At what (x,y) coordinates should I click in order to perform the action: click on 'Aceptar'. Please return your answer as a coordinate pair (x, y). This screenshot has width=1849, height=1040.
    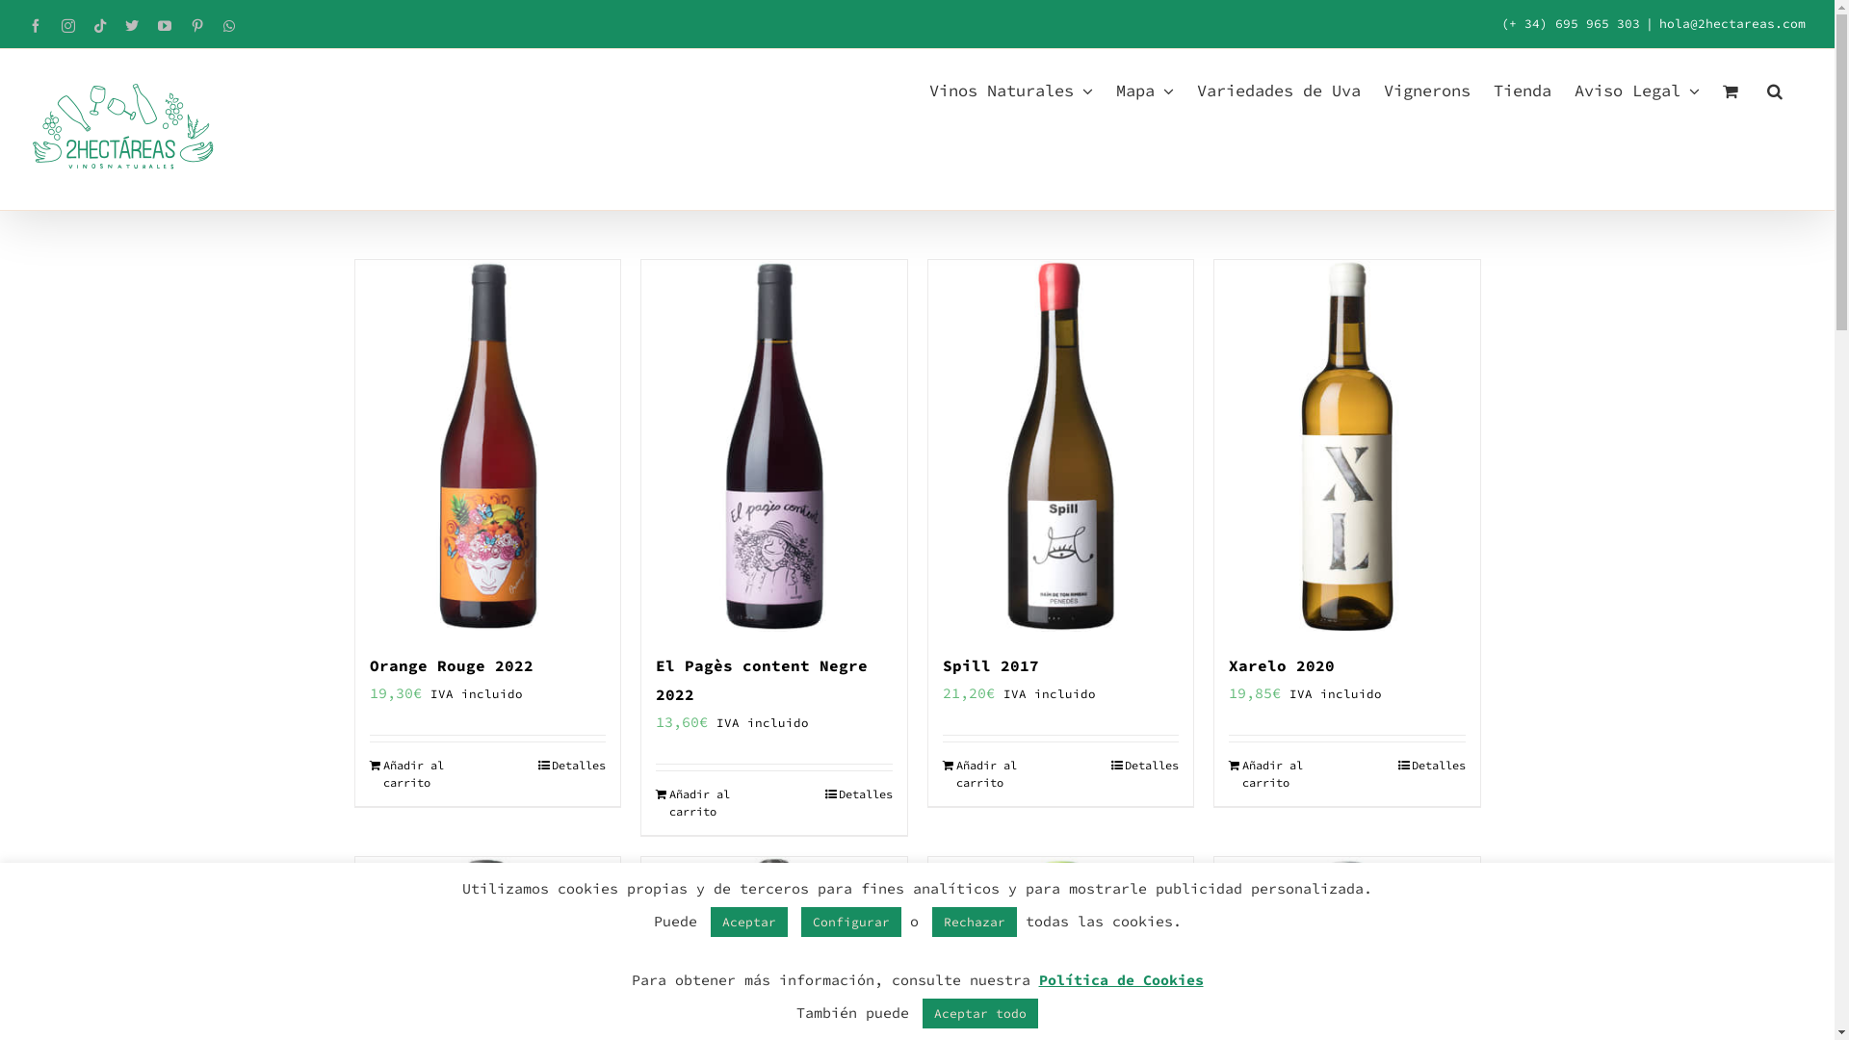
    Looking at the image, I should click on (747, 921).